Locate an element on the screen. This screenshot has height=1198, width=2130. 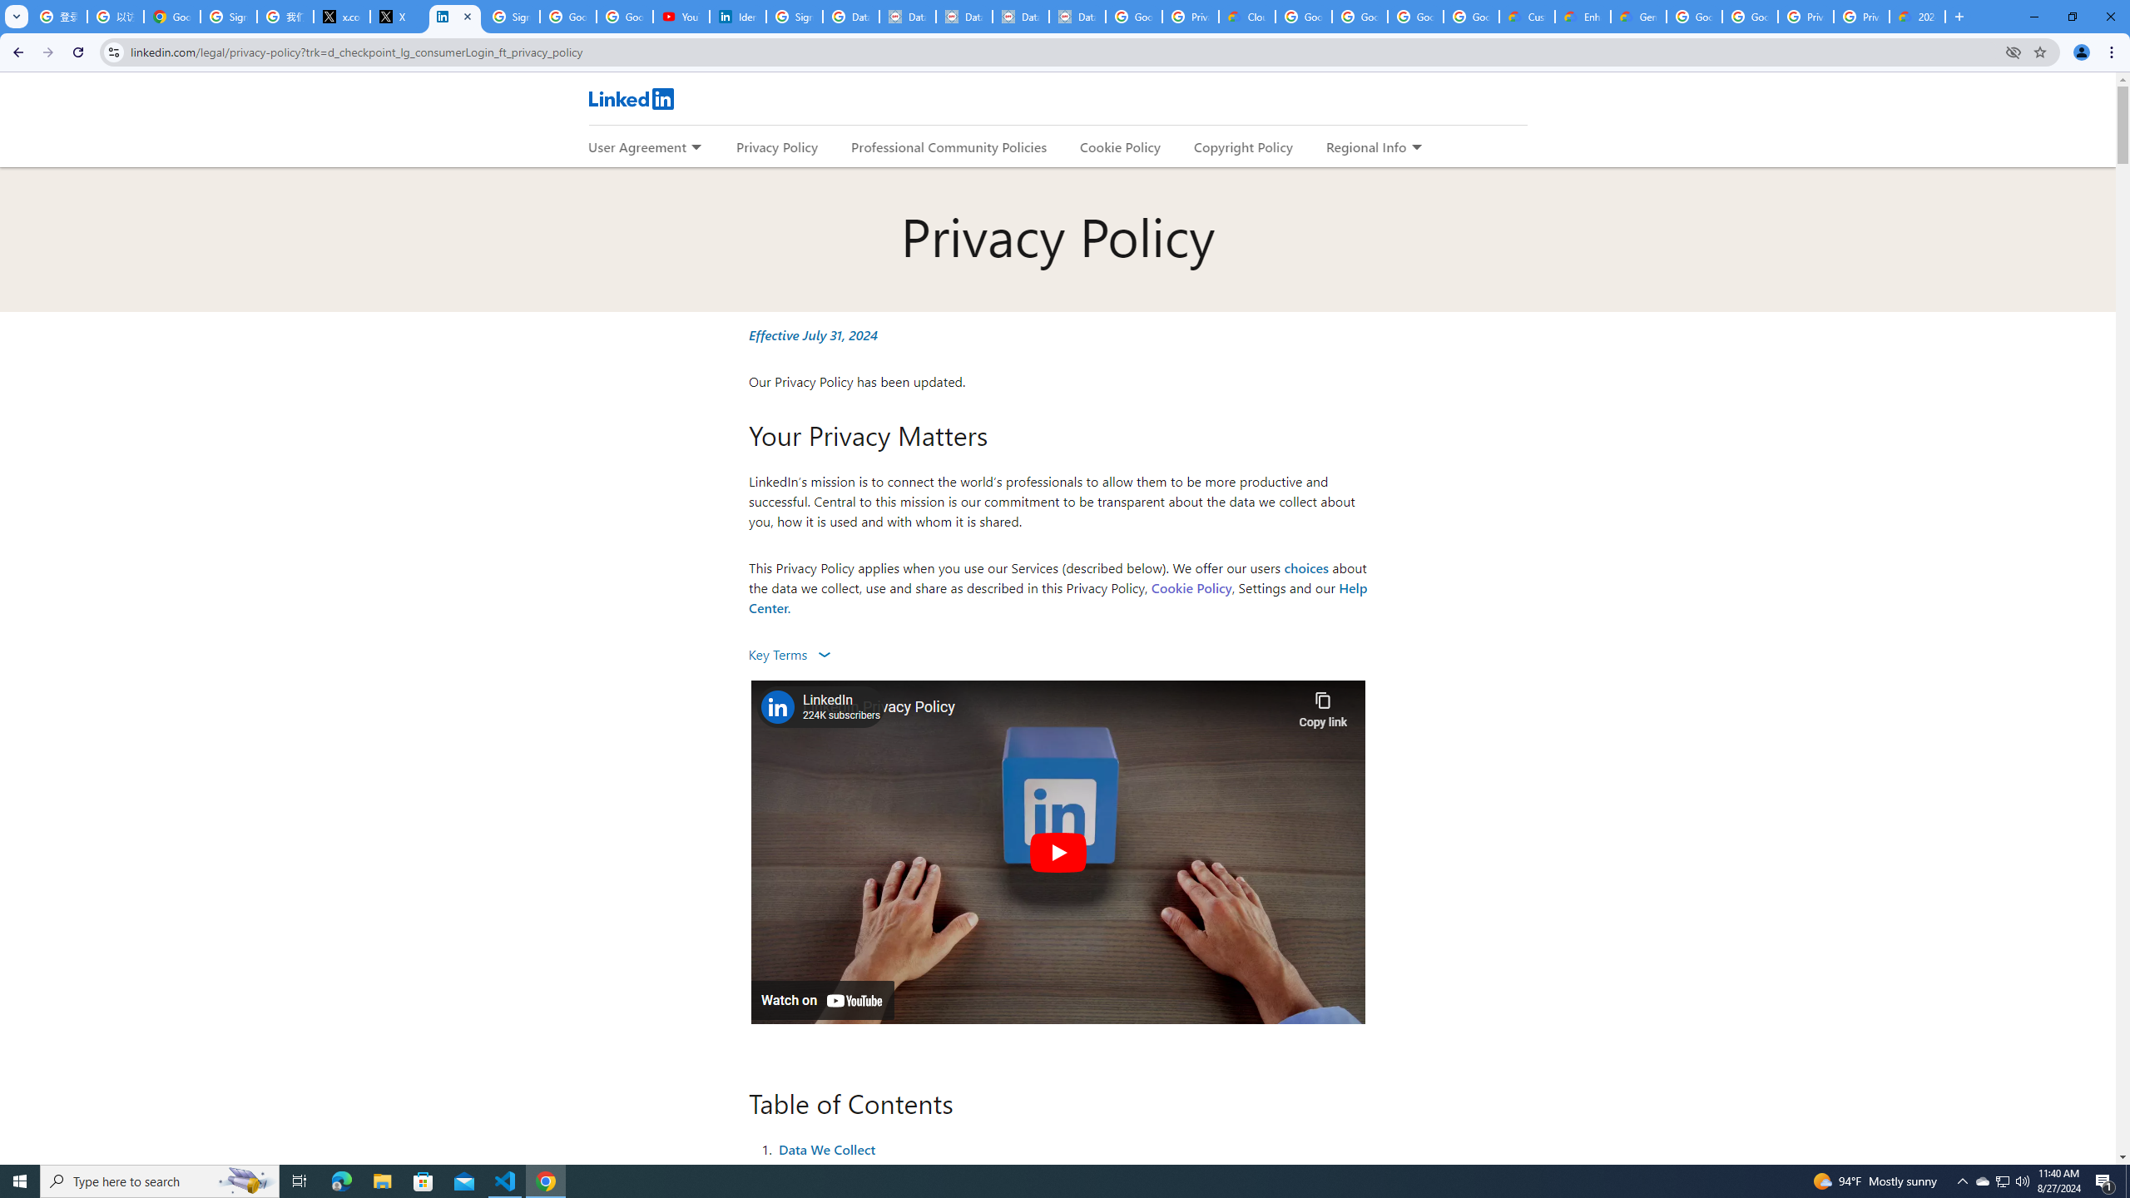
'Privacy Policy' is located at coordinates (776, 146).